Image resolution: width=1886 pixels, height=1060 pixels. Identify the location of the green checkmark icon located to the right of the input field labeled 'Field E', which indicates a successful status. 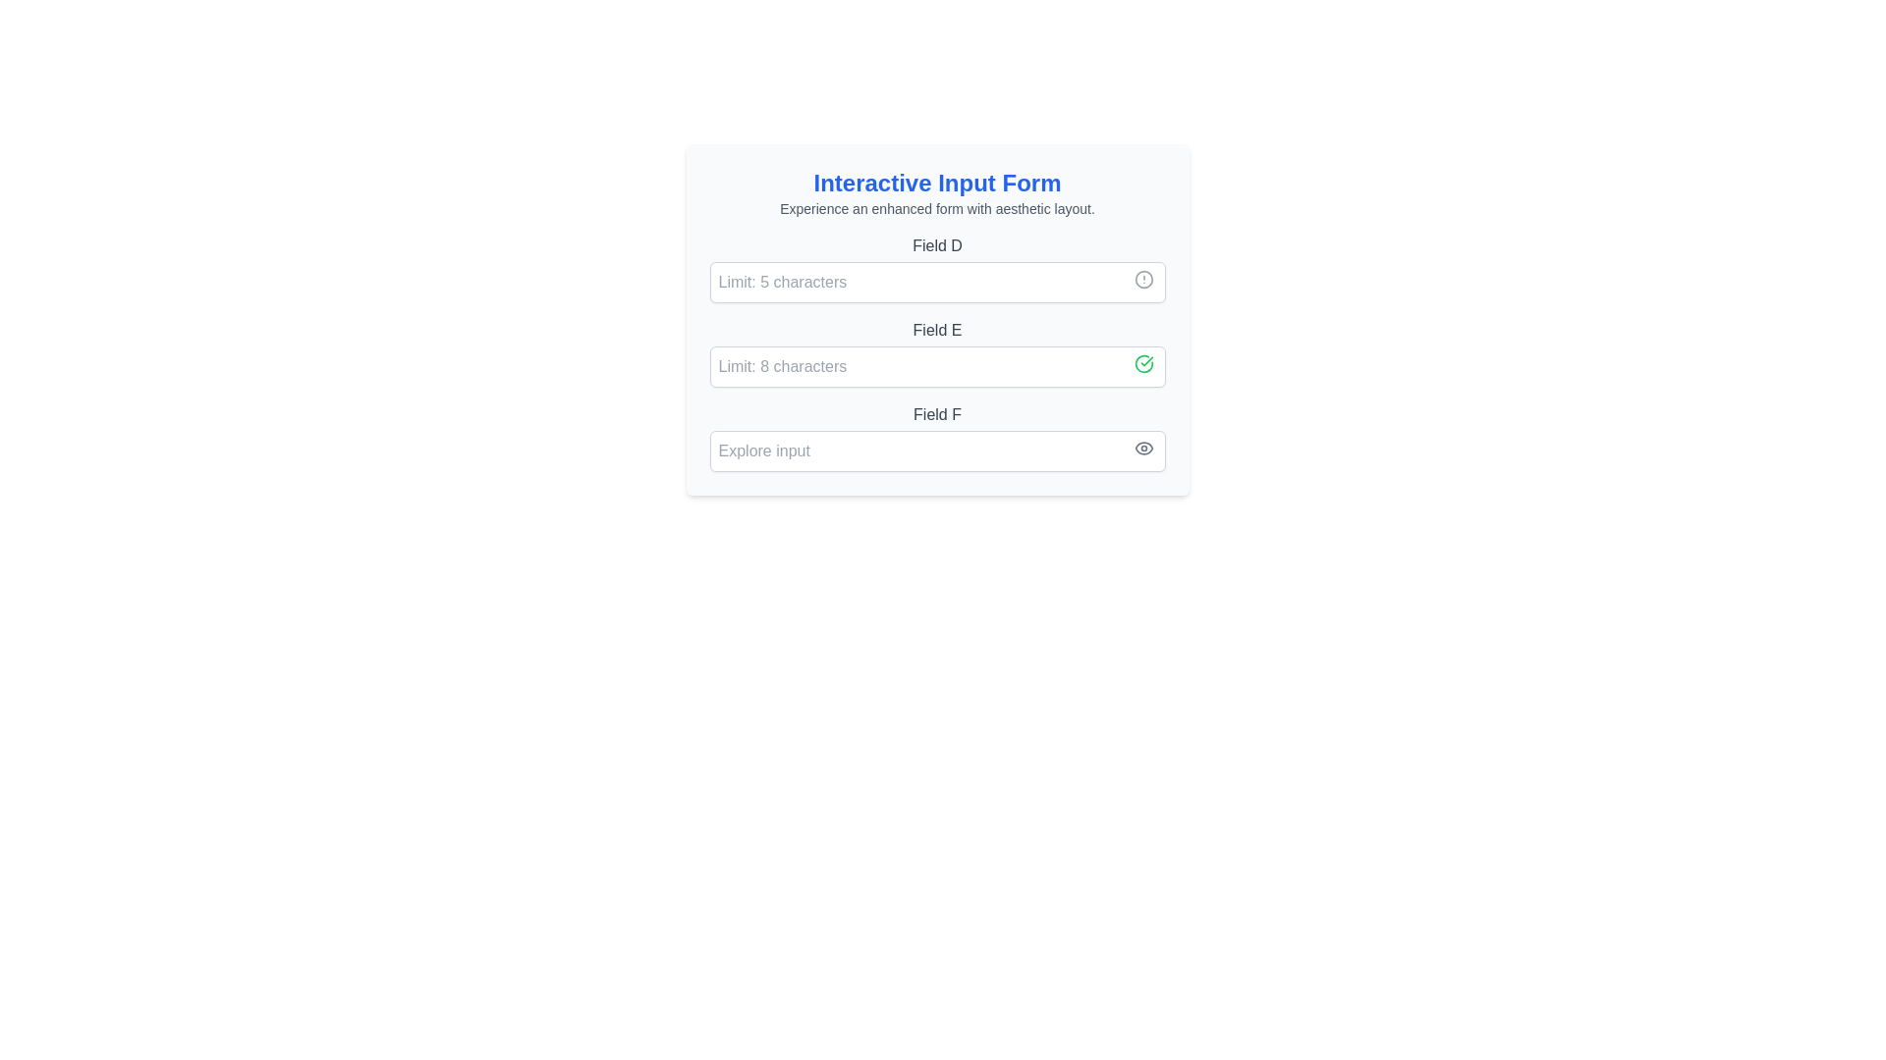
(1143, 363).